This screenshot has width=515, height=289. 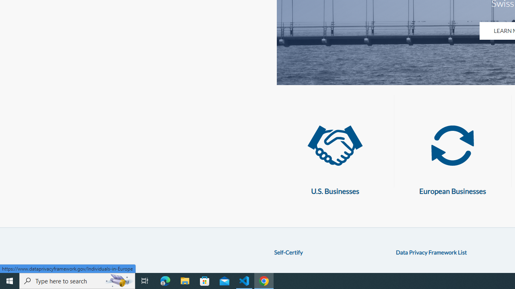 What do you see at coordinates (453, 146) in the screenshot?
I see `'European Businesses'` at bounding box center [453, 146].